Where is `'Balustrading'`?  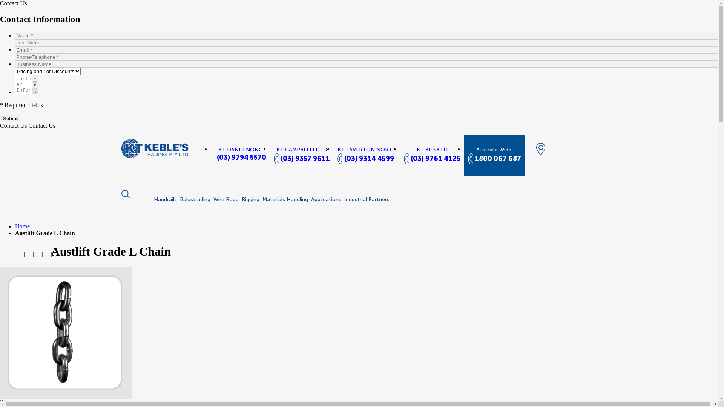
'Balustrading' is located at coordinates (195, 199).